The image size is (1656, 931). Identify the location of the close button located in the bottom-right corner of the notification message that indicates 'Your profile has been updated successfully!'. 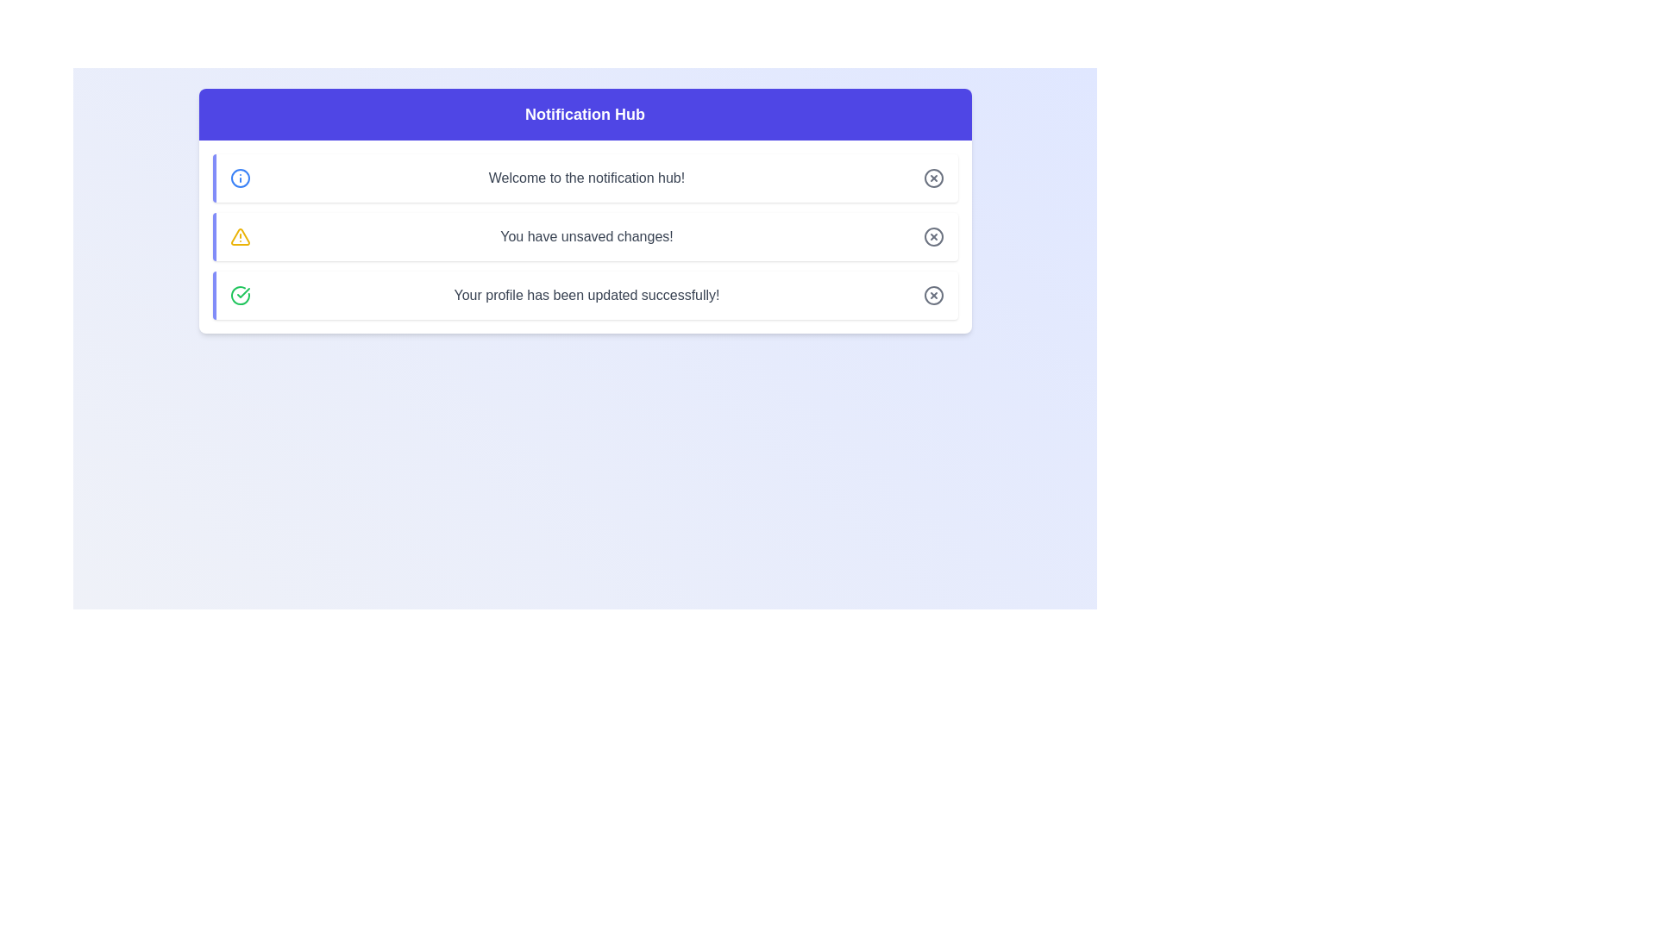
(932, 295).